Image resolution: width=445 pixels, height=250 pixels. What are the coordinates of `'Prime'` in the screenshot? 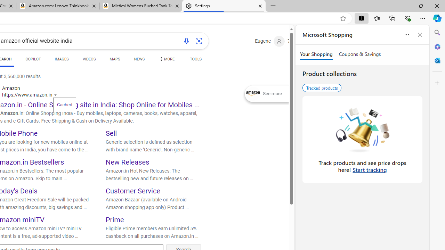 It's located at (115, 219).